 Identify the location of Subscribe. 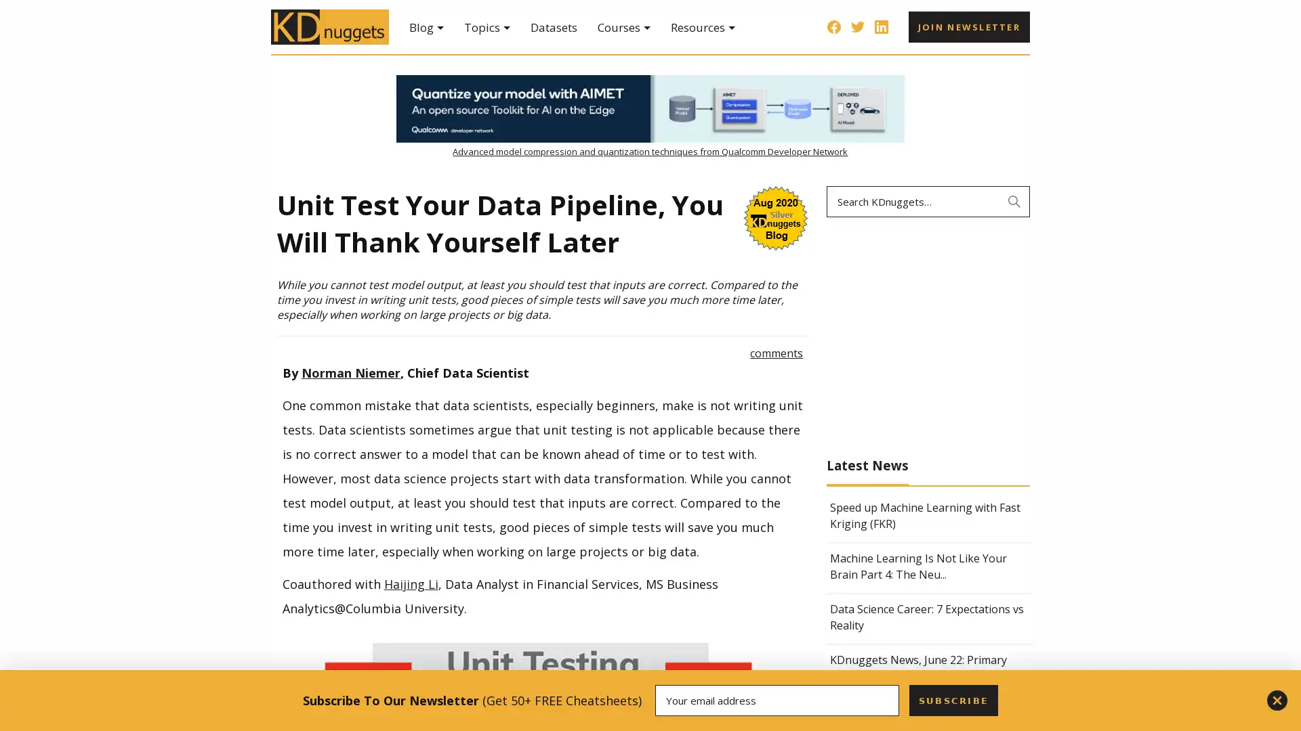
(952, 700).